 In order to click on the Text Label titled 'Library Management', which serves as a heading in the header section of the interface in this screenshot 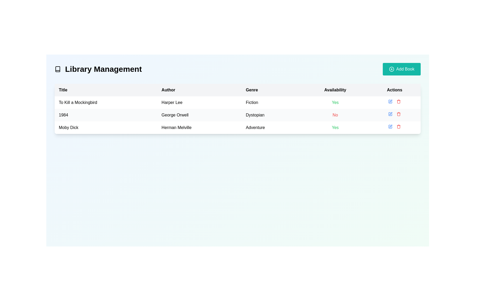, I will do `click(98, 69)`.